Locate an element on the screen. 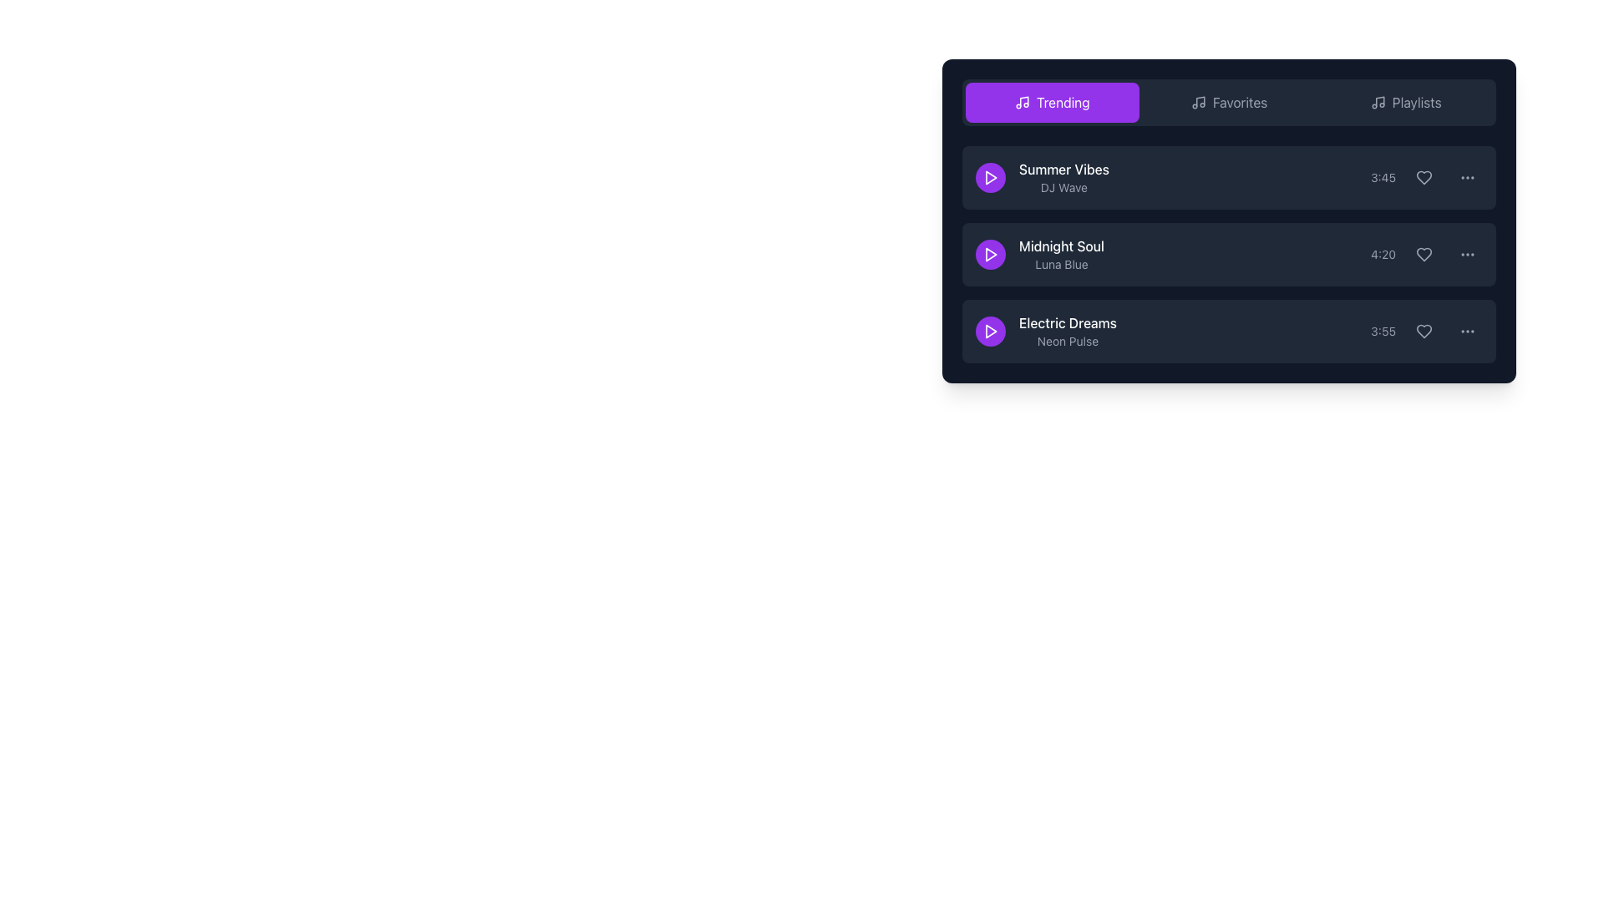  text of the song title label for 'Electric Dreams', which is the third song in the vertical list of the music interface, located above the subtitle 'Neon Pulse' is located at coordinates (1067, 322).